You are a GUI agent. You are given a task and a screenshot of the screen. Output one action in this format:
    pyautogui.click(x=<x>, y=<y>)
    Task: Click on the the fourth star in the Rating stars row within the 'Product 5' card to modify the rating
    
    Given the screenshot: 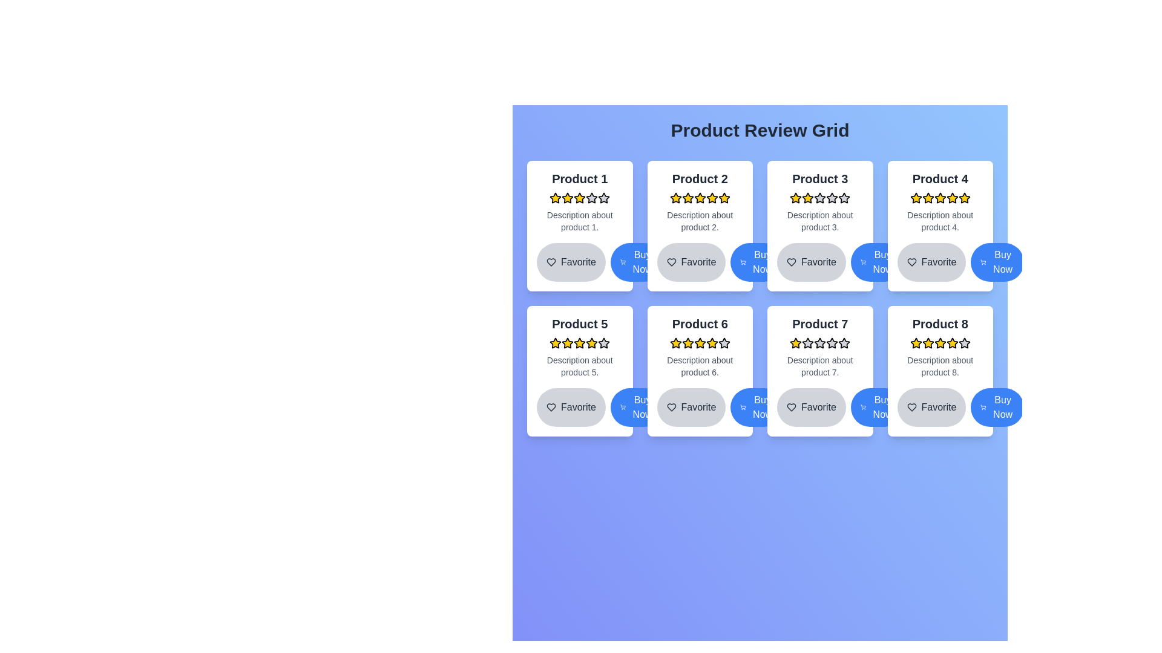 What is the action you would take?
    pyautogui.click(x=579, y=343)
    